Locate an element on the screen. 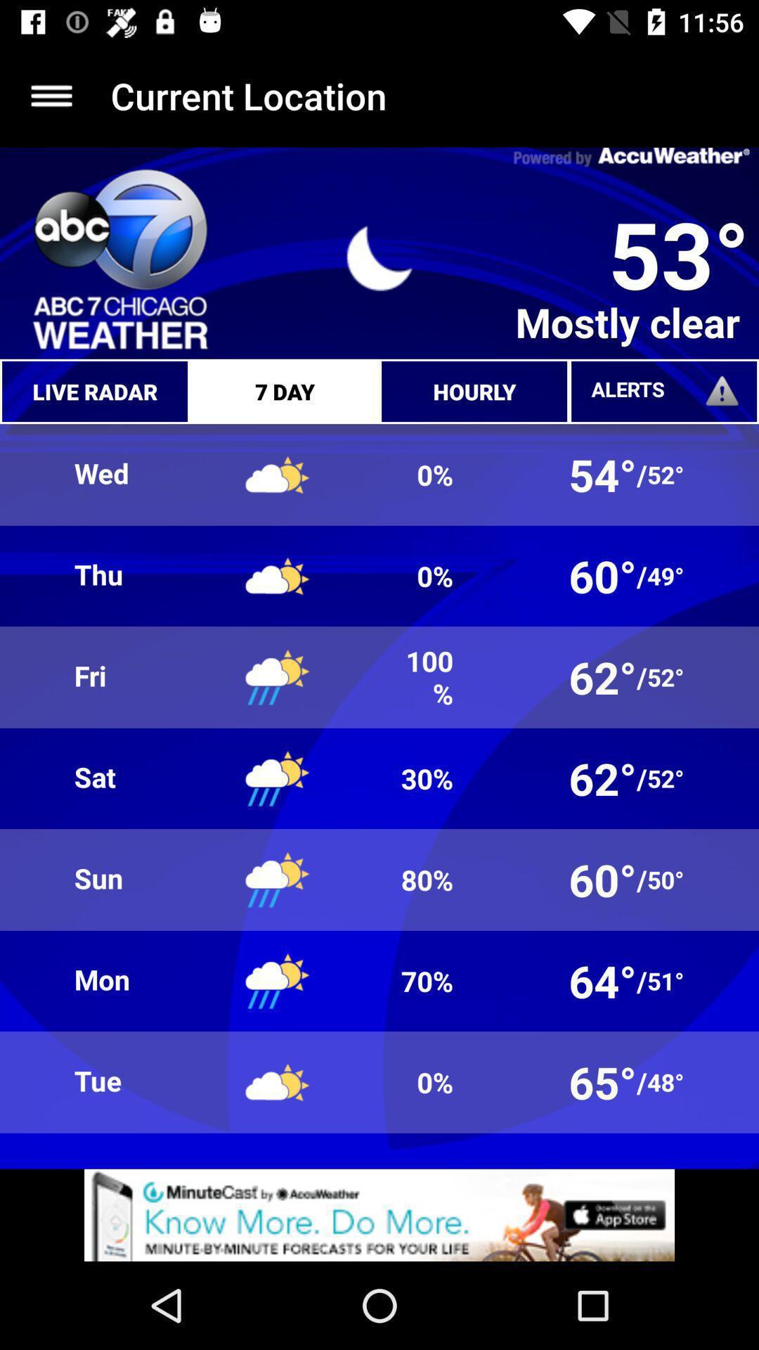 The image size is (759, 1350). hamburger icon to check history setting etc is located at coordinates (51, 95).